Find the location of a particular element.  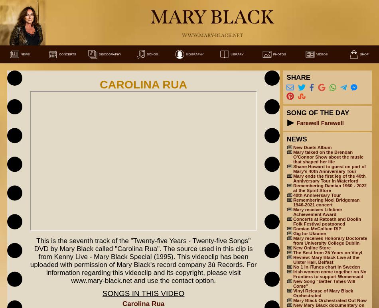

'This is the seventh track of the "Twenty-five Years - Twenty-five Songs" DVD by Mary Black called "Carolina Rua". The source used in this clip is from Kenny Live - Mary Black Special (1995). 

This videoclip has been uploaded with permission of Mary Black's record company 3ú Records. For information regarding this videoclip and its copyright, please visit www.mary-black.net and use the contact option.' is located at coordinates (30, 261).